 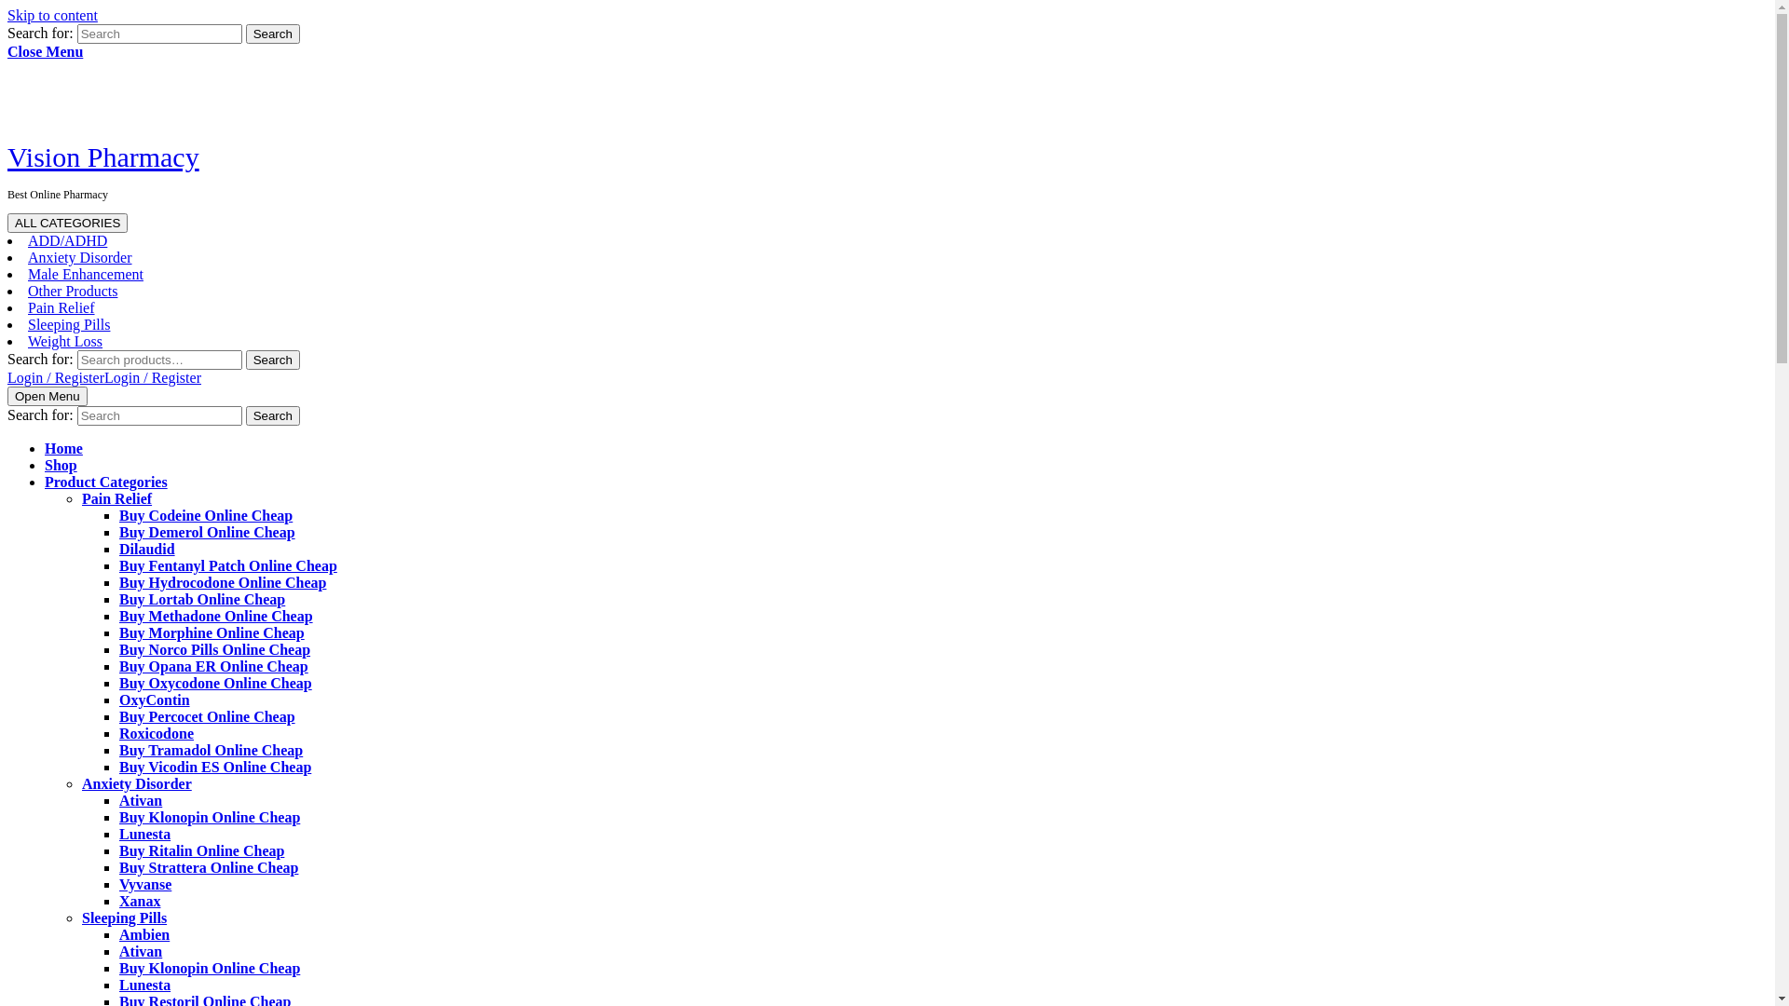 I want to click on 'Weight Loss', so click(x=65, y=341).